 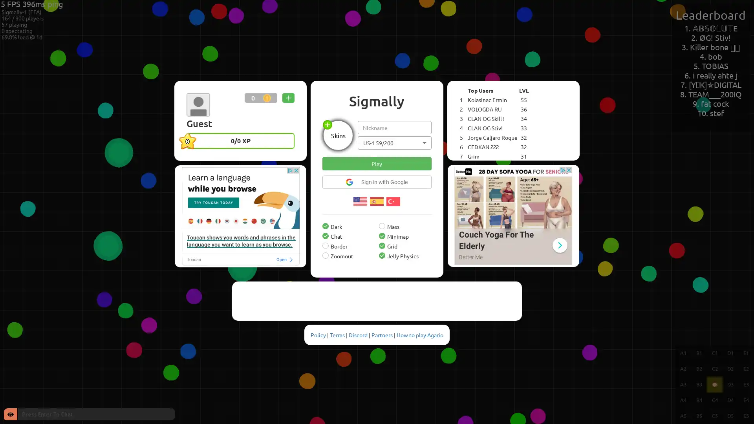 What do you see at coordinates (419, 334) in the screenshot?
I see `How to play Agario` at bounding box center [419, 334].